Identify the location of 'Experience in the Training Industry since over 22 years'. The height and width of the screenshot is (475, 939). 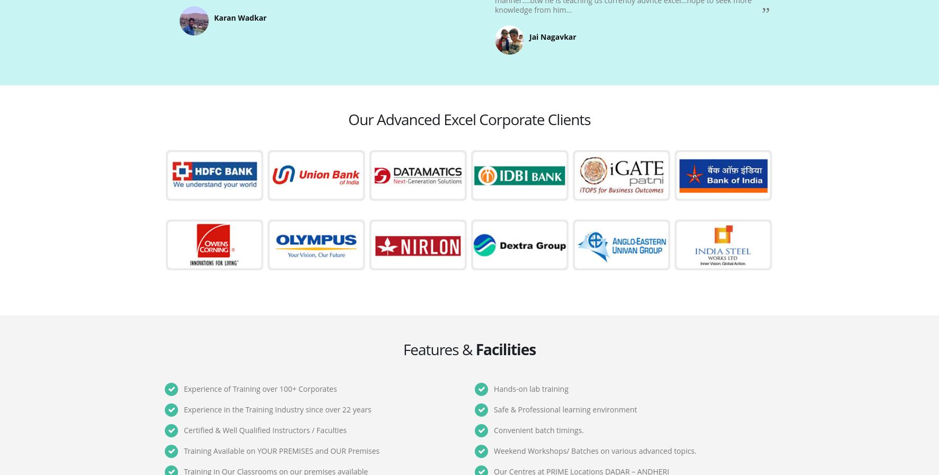
(277, 409).